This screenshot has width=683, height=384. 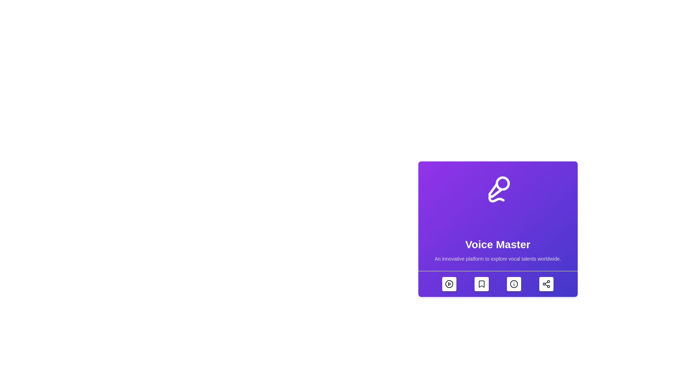 What do you see at coordinates (514, 283) in the screenshot?
I see `the circular icon element in the row of four icons below the 'Voice Master' card, which is the third icon from the left` at bounding box center [514, 283].